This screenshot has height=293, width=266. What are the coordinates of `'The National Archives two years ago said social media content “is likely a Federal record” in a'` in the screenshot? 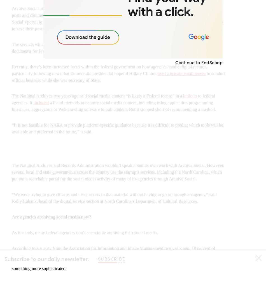 It's located at (97, 96).